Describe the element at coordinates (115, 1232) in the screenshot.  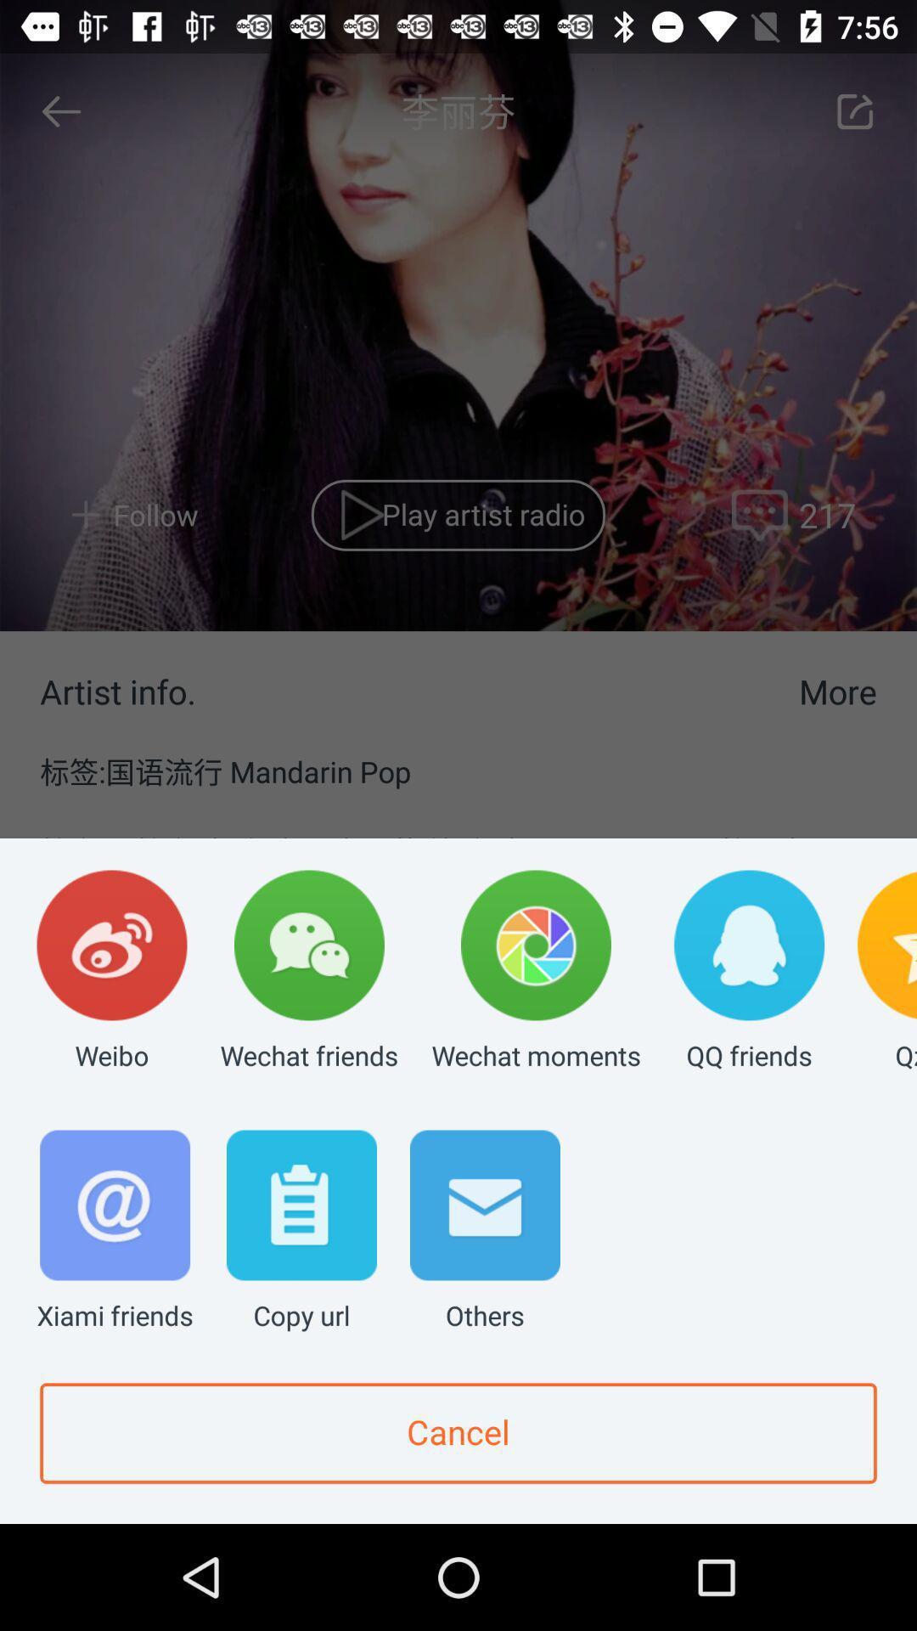
I see `xiami friends` at that location.